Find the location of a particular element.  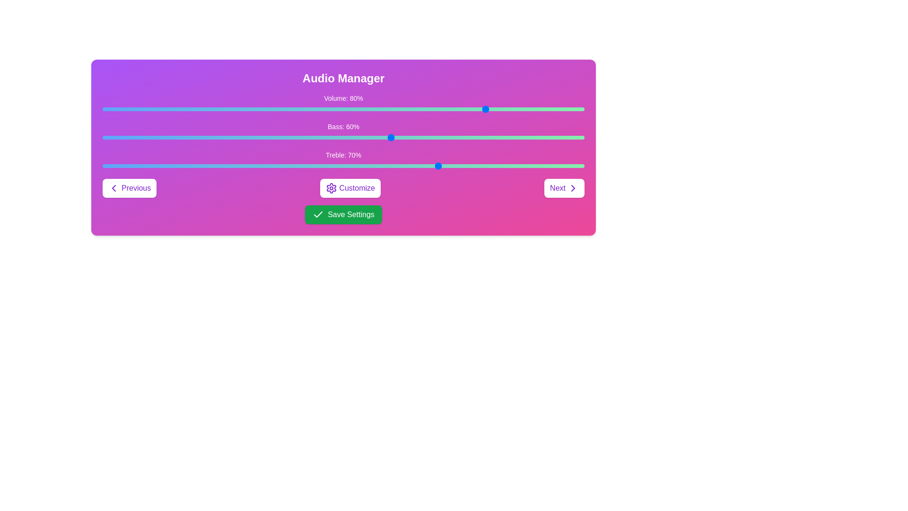

the Text Label displaying 'Bass: 60%' which is located in the middle of the control panel, aligned above a slider and between two other labels is located at coordinates (343, 126).